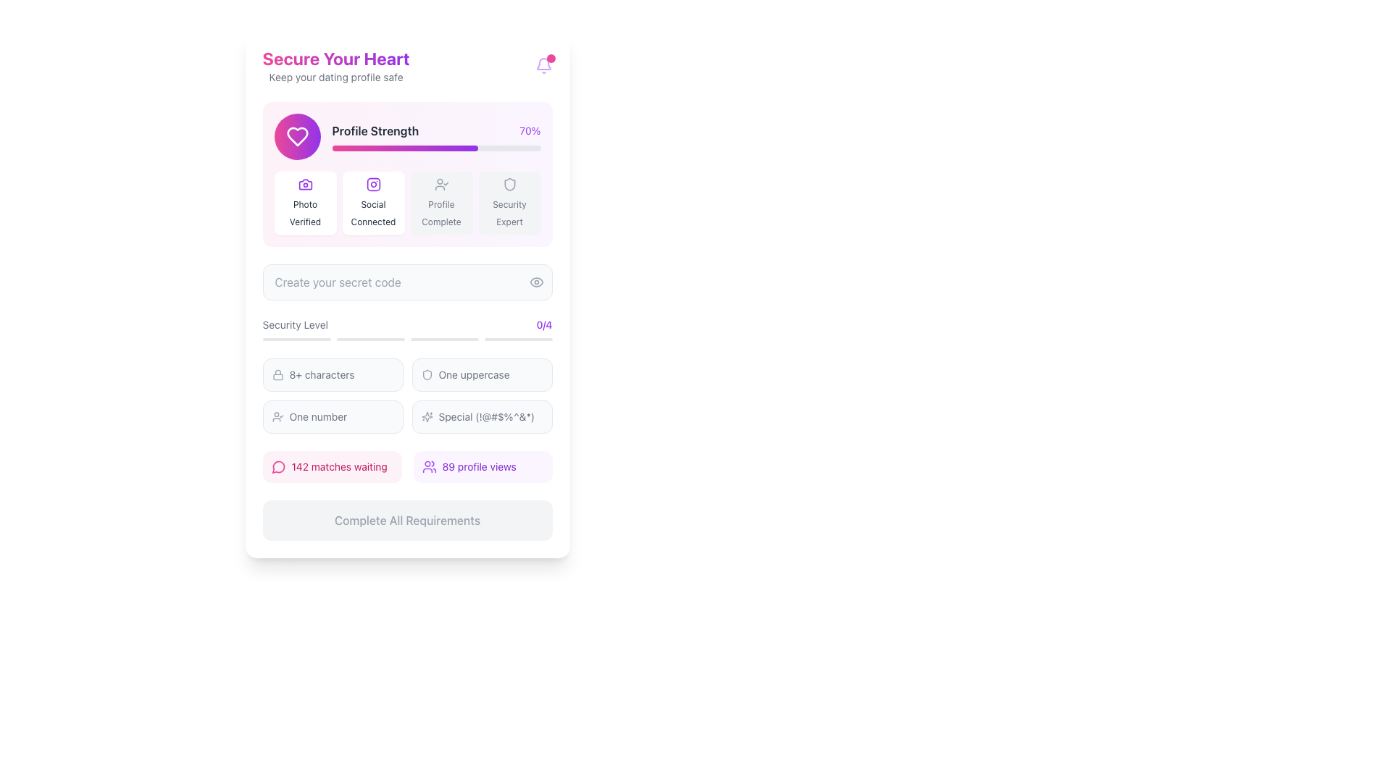 This screenshot has width=1391, height=782. I want to click on the Text Label indicating the password requirement for at least 8 characters, located in the 'Security Level' section at the top-left of its row, so click(321, 374).